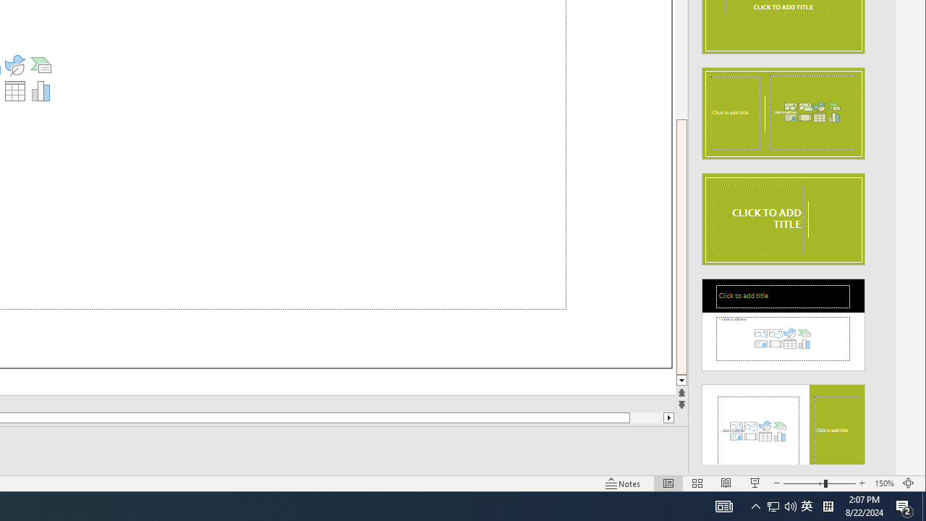  What do you see at coordinates (41, 90) in the screenshot?
I see `'Insert Chart'` at bounding box center [41, 90].